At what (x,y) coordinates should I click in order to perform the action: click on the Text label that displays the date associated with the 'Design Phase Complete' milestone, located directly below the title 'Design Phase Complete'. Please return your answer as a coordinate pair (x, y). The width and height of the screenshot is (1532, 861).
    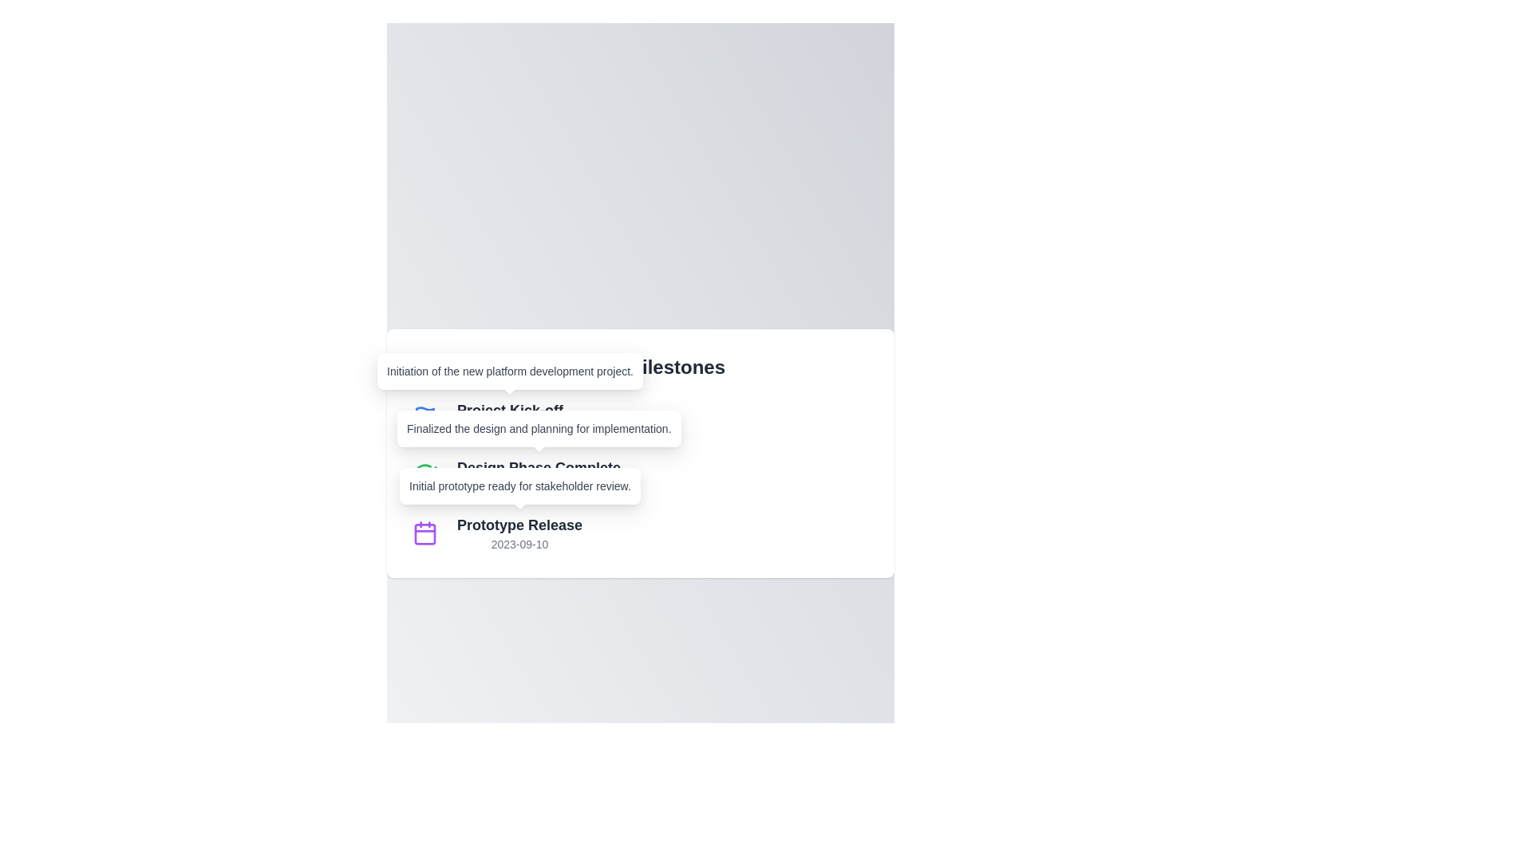
    Looking at the image, I should click on (539, 486).